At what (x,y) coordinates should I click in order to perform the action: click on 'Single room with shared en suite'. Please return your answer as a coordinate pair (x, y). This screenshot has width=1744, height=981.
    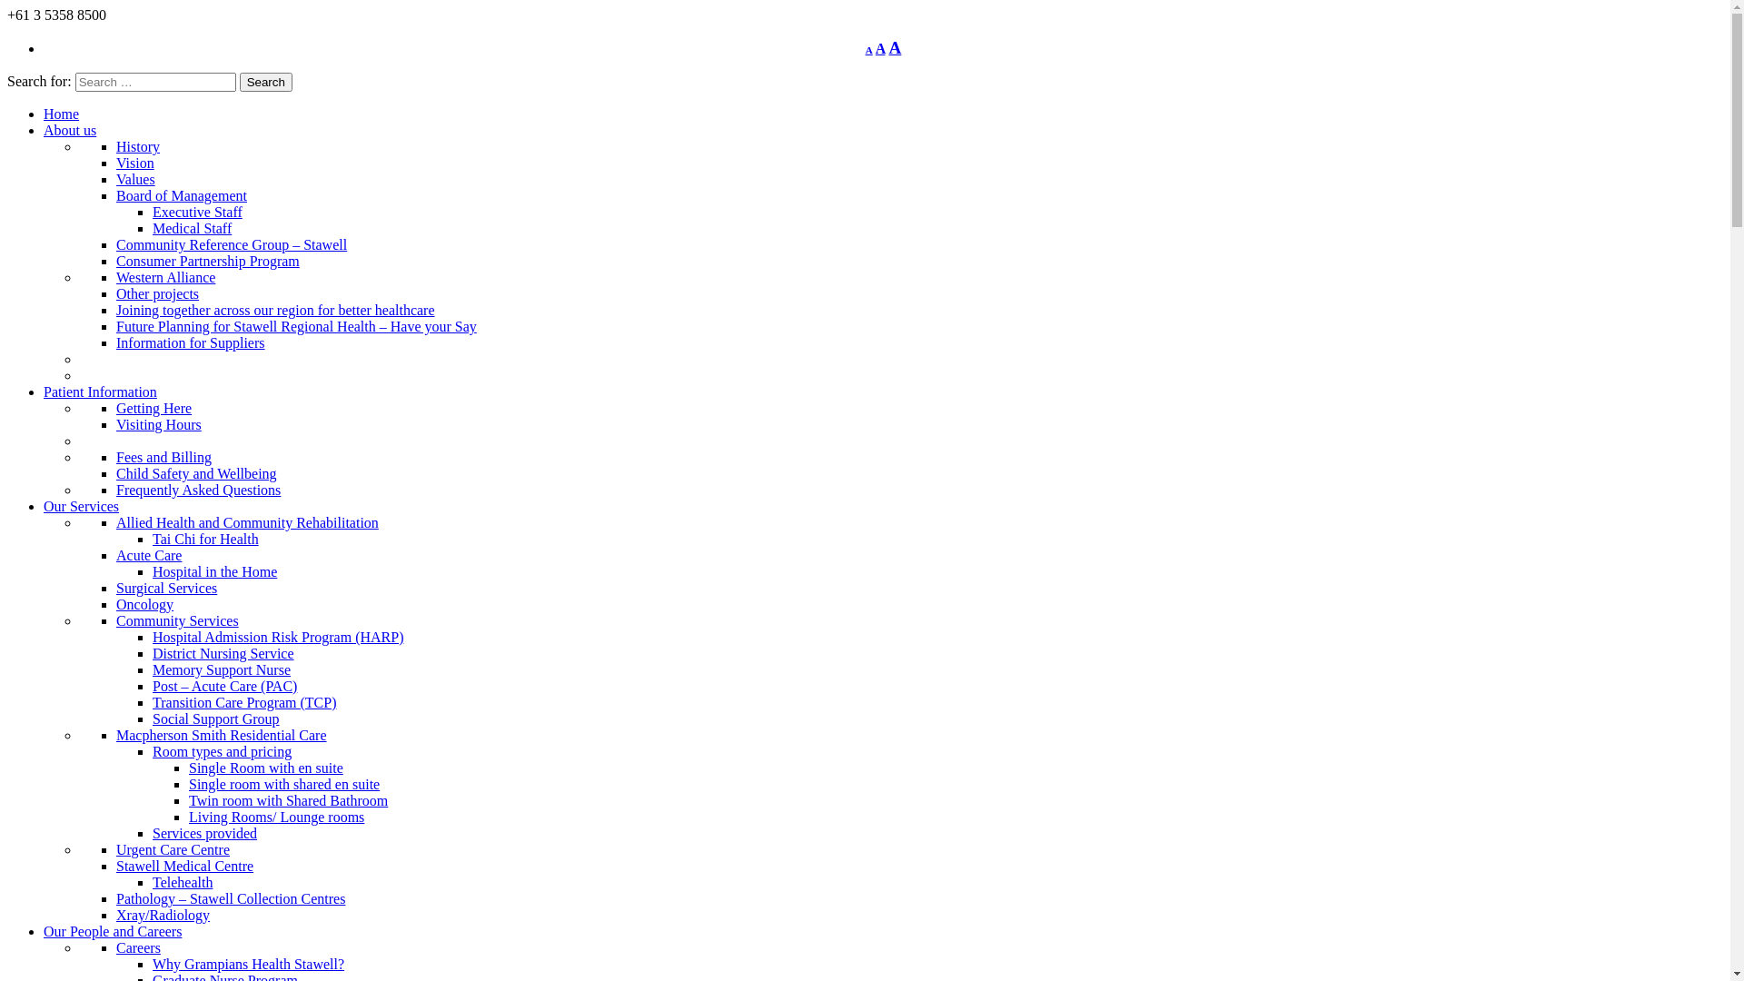
    Looking at the image, I should click on (282, 783).